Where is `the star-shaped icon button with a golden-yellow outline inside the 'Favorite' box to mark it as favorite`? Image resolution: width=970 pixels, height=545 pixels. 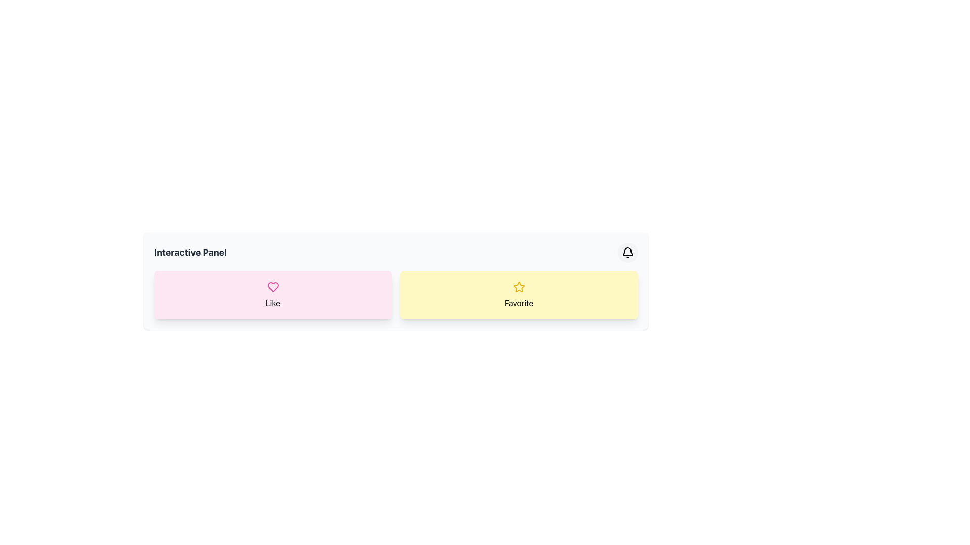
the star-shaped icon button with a golden-yellow outline inside the 'Favorite' box to mark it as favorite is located at coordinates (519, 287).